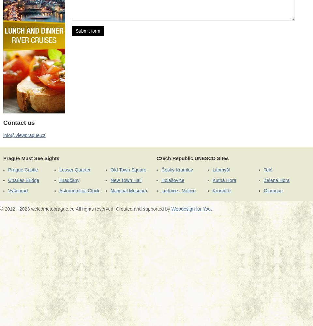 This screenshot has height=326, width=313. Describe the element at coordinates (128, 190) in the screenshot. I see `'National Museum'` at that location.